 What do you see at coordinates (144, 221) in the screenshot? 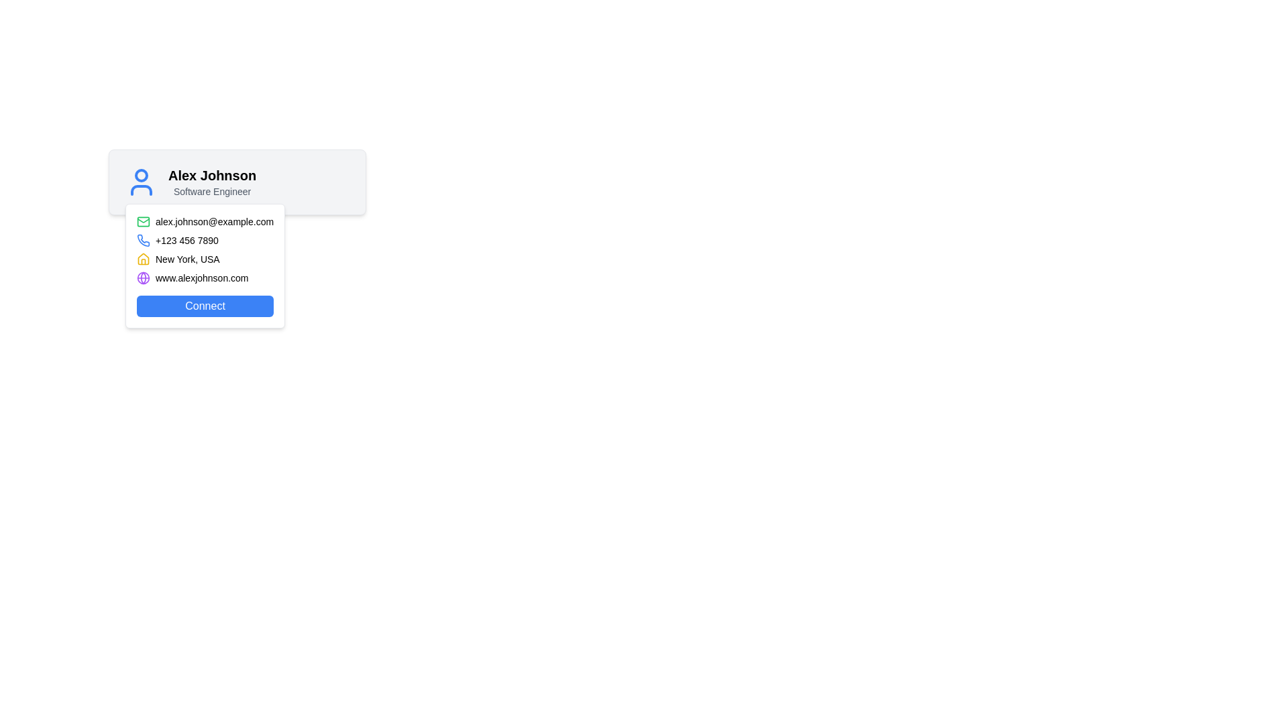
I see `the small rectangular background of the envelope icon, which is part of the email symbol located before the email text 'alex.johnson@example.com'` at bounding box center [144, 221].